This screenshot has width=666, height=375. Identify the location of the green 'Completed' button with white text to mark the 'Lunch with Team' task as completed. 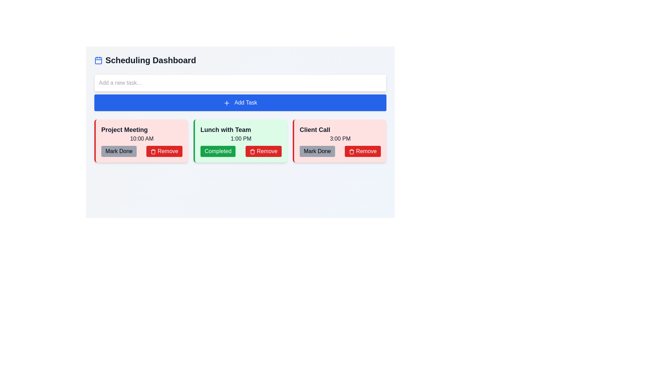
(217, 151).